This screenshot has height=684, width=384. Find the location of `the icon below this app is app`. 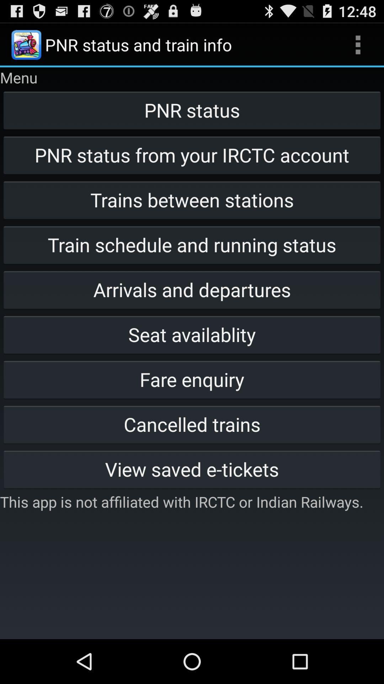

the icon below this app is app is located at coordinates (192, 615).